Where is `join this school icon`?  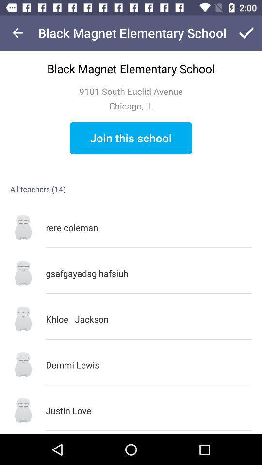 join this school icon is located at coordinates (131, 137).